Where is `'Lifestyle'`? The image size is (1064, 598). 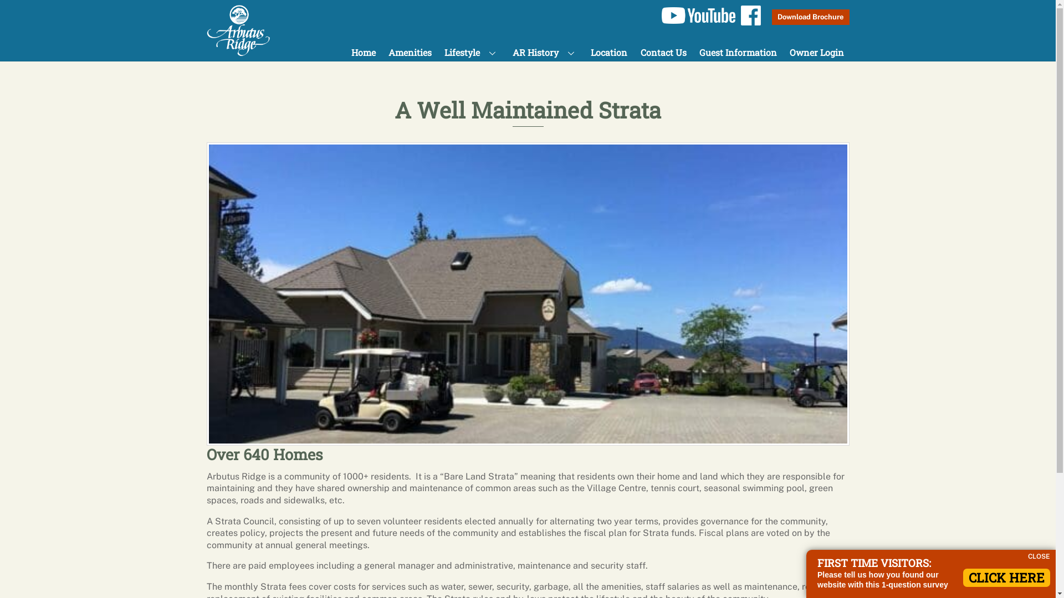 'Lifestyle' is located at coordinates (438, 52).